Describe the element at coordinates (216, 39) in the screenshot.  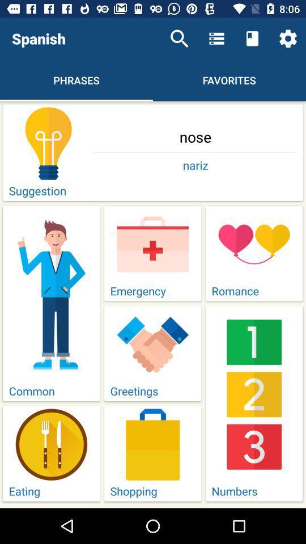
I see `the icon above the favorites item` at that location.